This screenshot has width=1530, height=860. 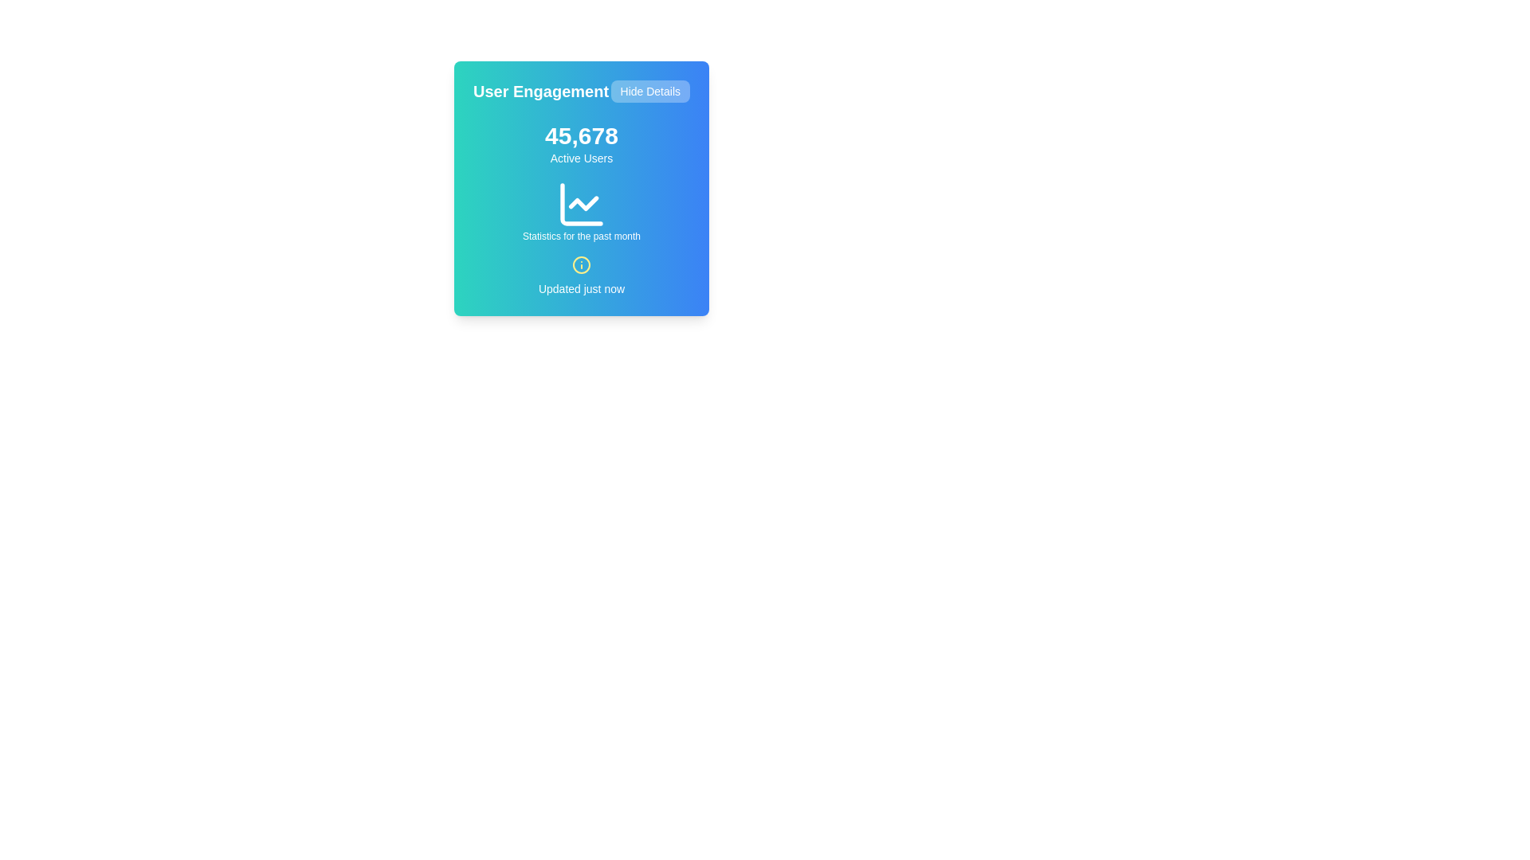 I want to click on the statistical chart icon located within the 'Statistics for the past month' section under 'User Engagement', so click(x=580, y=204).